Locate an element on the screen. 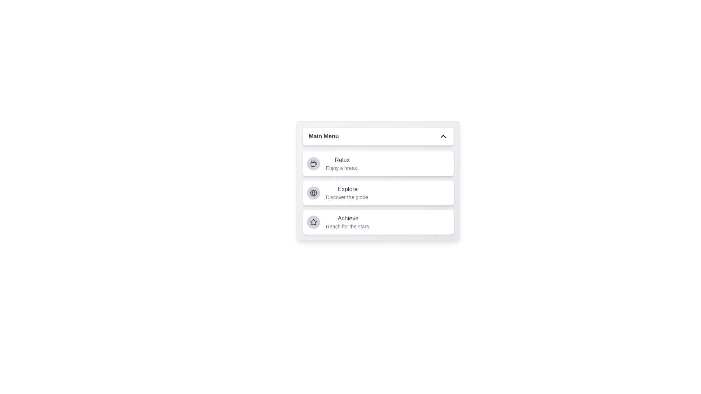 The image size is (701, 394). the menu item corresponding to Achieve is located at coordinates (378, 222).